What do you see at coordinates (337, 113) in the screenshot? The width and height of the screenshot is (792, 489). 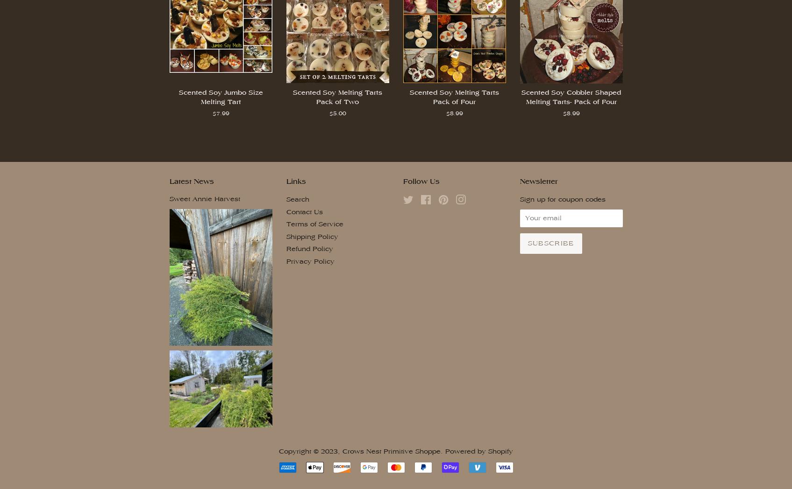 I see `'$5.00'` at bounding box center [337, 113].